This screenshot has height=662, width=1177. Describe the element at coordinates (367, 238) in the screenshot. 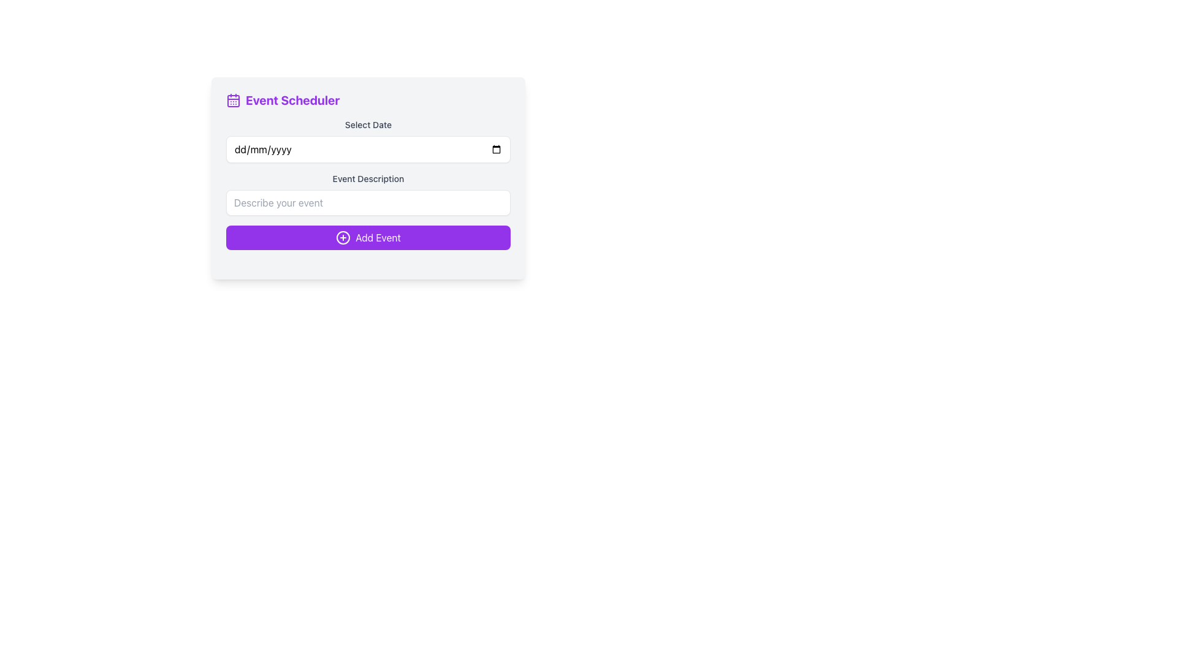

I see `the purple rectangular 'Add Event' button located at the bottom of the 'Event Scheduler' form, which features a white plus icon and centrally aligned text` at that location.